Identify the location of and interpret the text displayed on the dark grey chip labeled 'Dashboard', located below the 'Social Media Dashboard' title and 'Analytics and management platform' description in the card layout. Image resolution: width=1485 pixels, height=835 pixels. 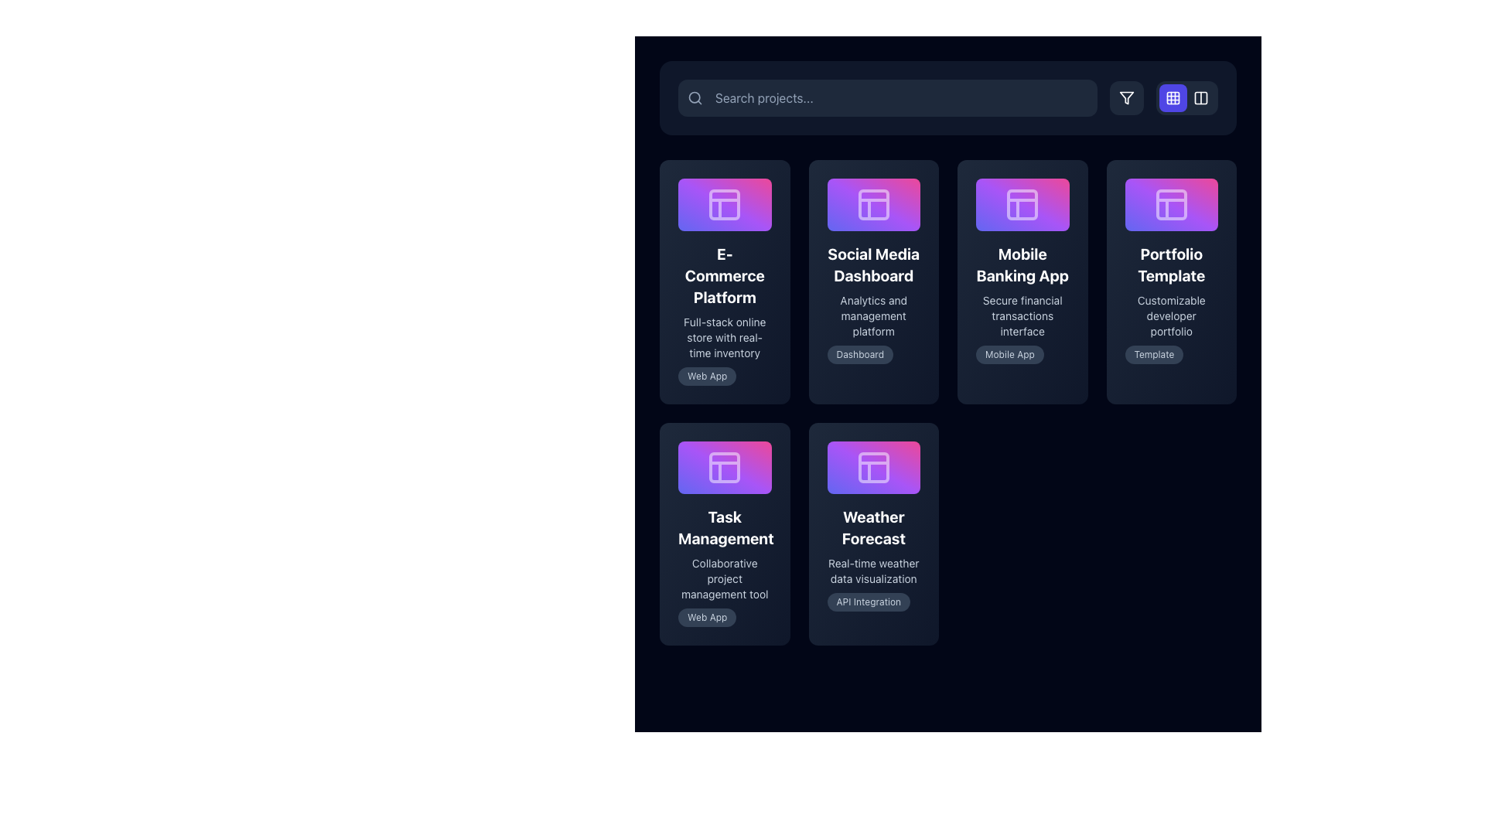
(873, 354).